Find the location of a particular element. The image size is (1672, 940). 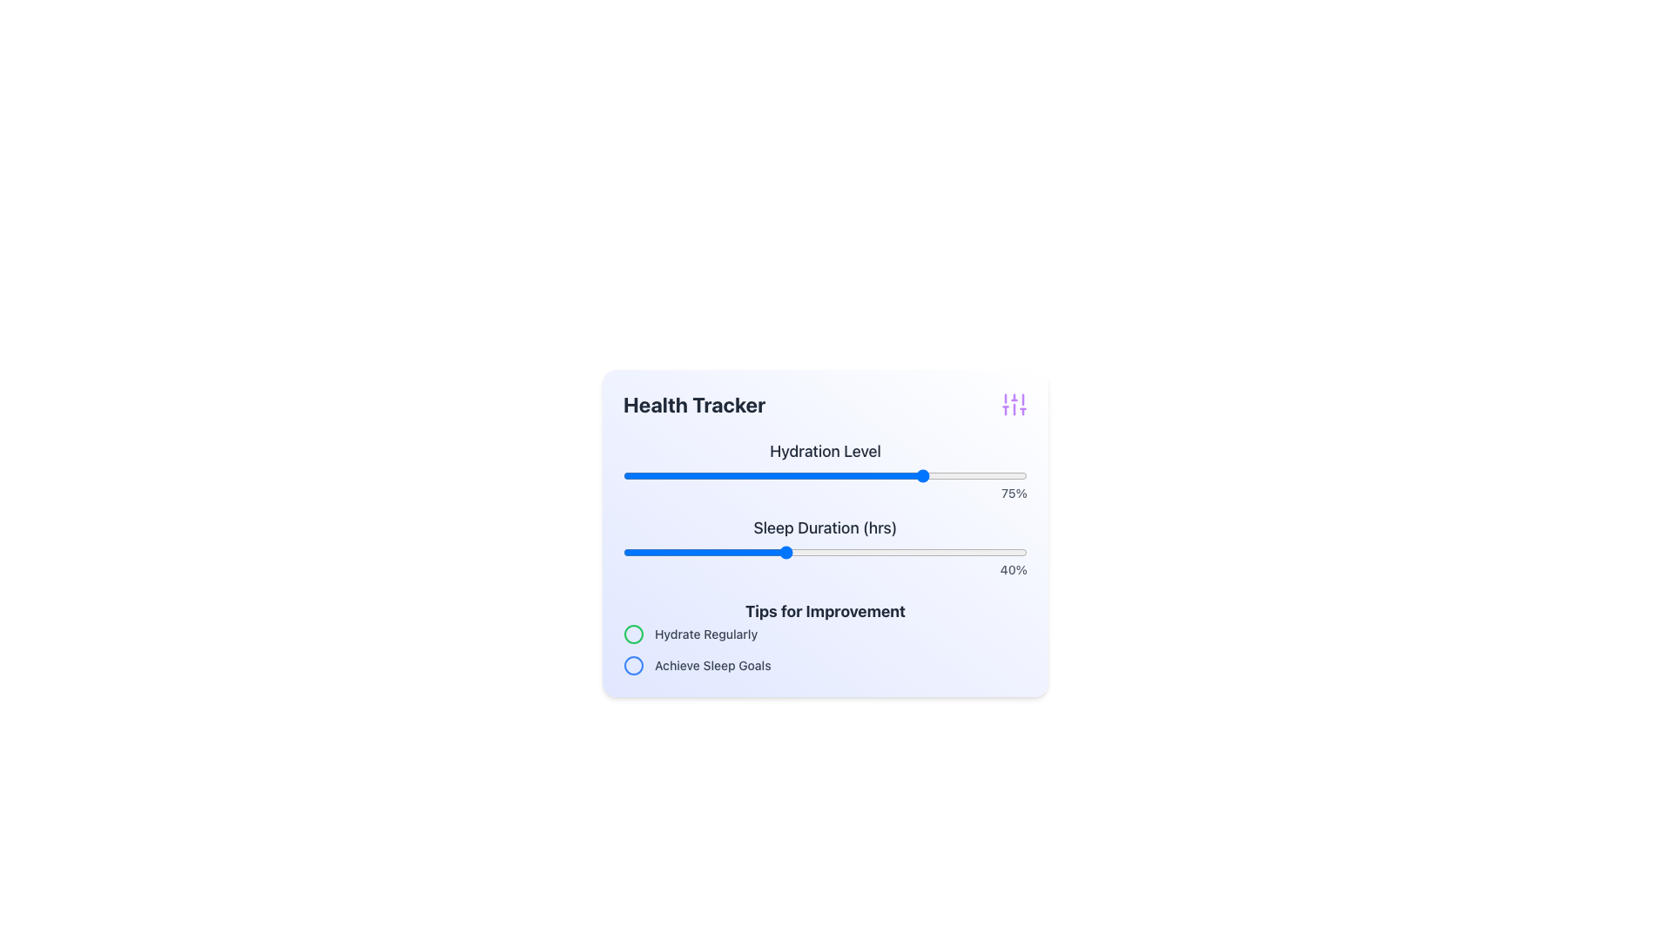

the hydration level is located at coordinates (623, 476).